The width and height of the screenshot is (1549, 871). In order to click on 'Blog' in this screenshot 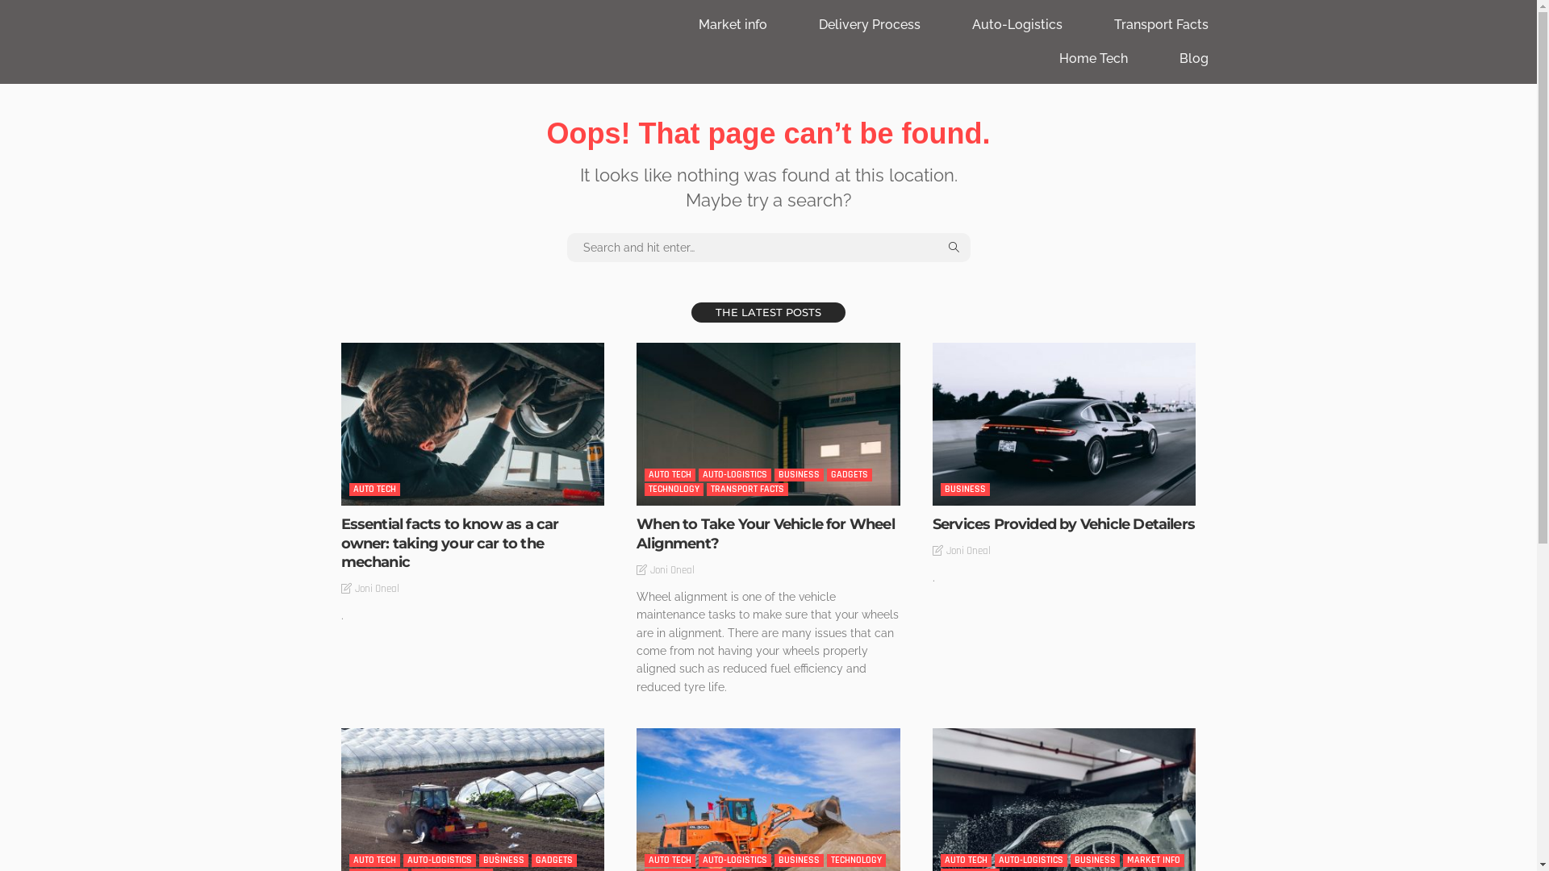, I will do `click(1193, 58)`.